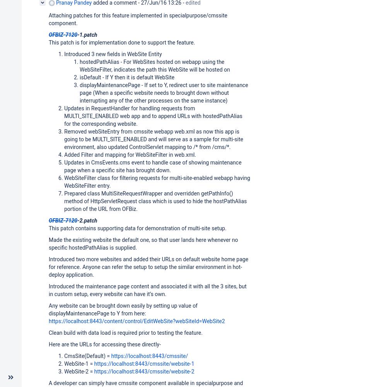  What do you see at coordinates (121, 42) in the screenshot?
I see `'This patch is for implementation done to support the feature.'` at bounding box center [121, 42].